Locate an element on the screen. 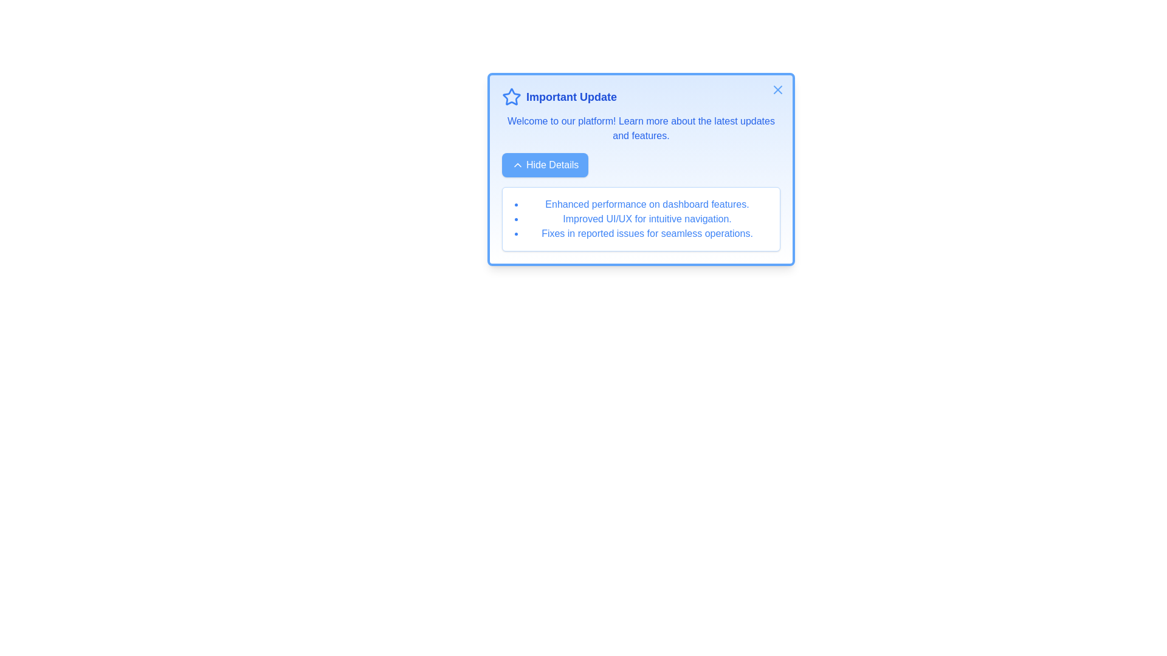 The width and height of the screenshot is (1167, 656). the close button in the top-right corner of the alert is located at coordinates (778, 89).